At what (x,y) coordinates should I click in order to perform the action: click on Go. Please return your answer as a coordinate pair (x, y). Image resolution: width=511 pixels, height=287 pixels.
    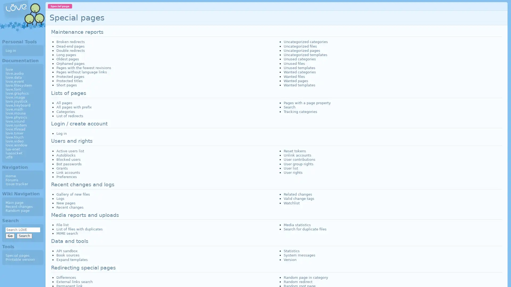
    Looking at the image, I should click on (10, 235).